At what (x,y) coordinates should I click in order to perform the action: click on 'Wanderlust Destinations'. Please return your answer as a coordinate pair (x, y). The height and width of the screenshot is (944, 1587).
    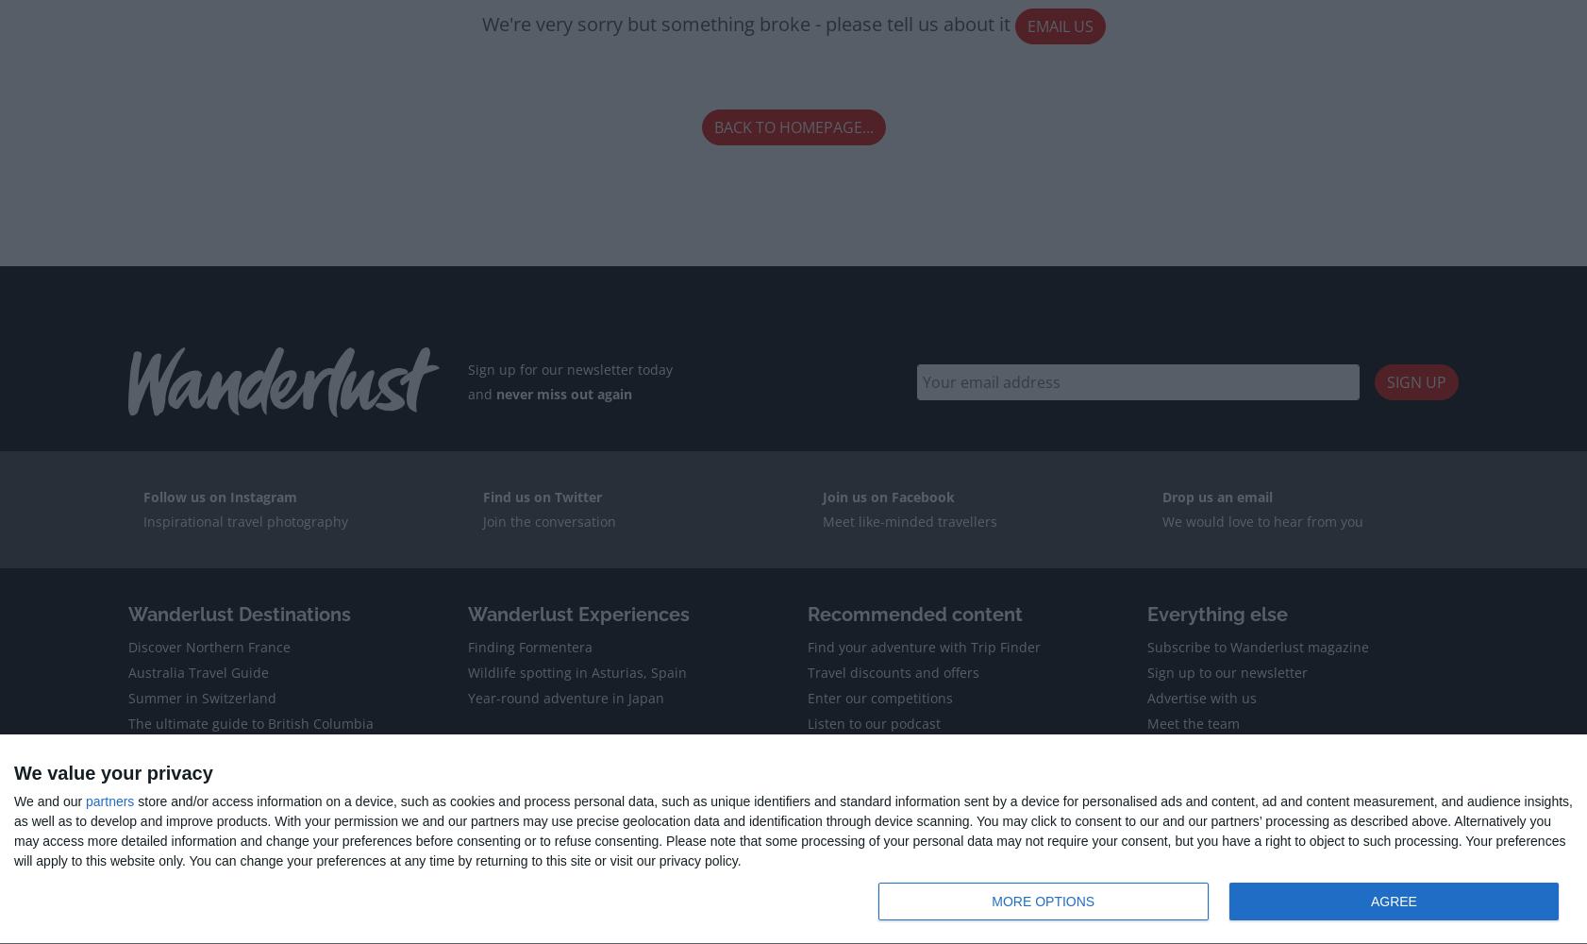
    Looking at the image, I should click on (238, 614).